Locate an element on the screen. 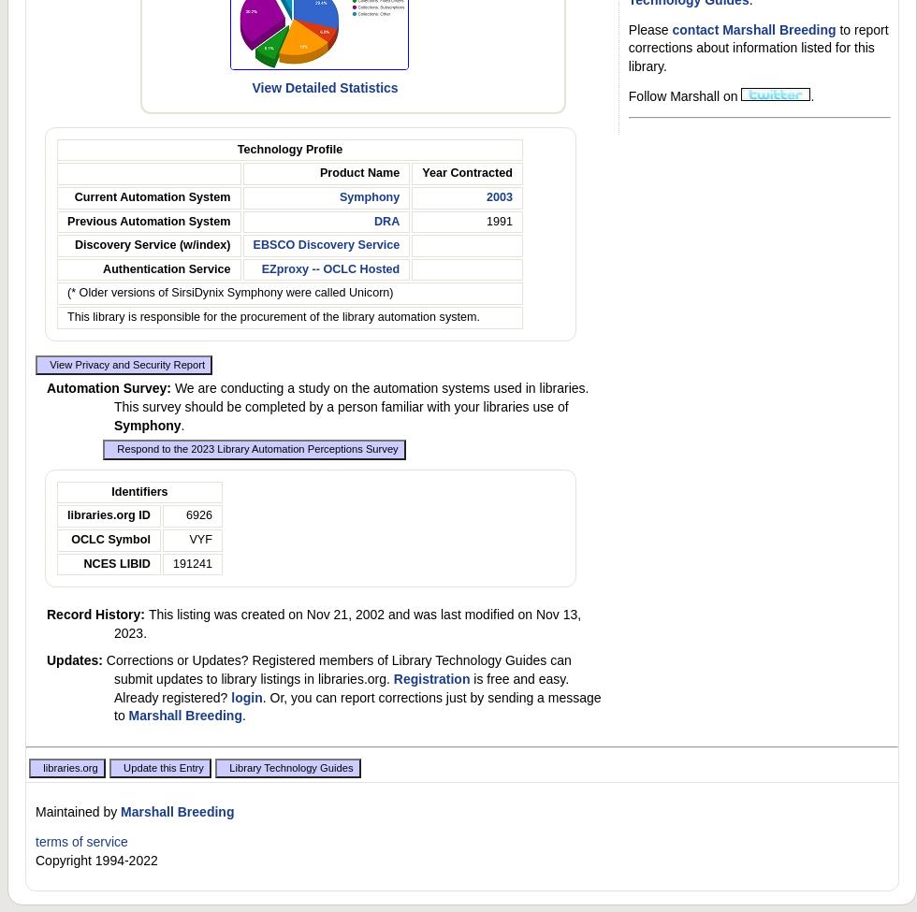 The width and height of the screenshot is (917, 912). 'Please' is located at coordinates (649, 29).